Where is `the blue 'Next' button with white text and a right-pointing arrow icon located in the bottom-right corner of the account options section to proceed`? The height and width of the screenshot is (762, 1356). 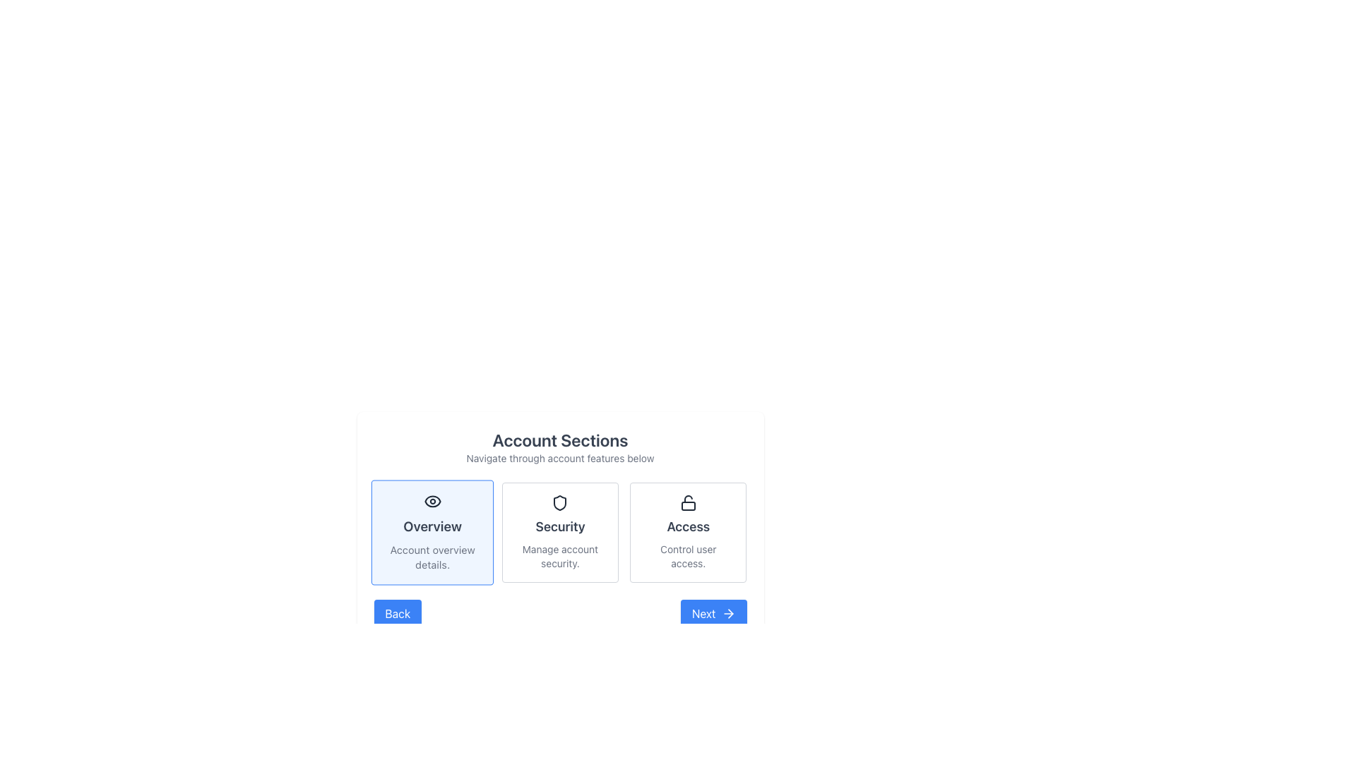 the blue 'Next' button with white text and a right-pointing arrow icon located in the bottom-right corner of the account options section to proceed is located at coordinates (713, 613).